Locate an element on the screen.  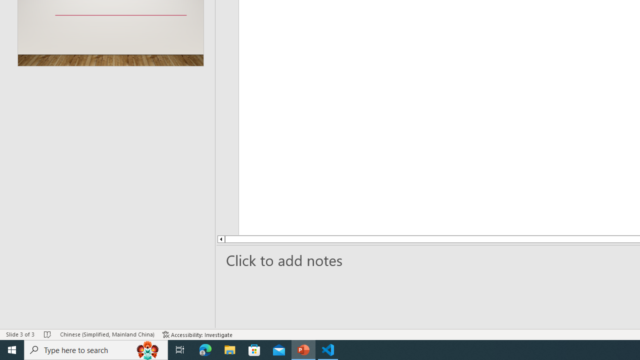
'Accessibility Checker Accessibility: Investigate' is located at coordinates (197, 334).